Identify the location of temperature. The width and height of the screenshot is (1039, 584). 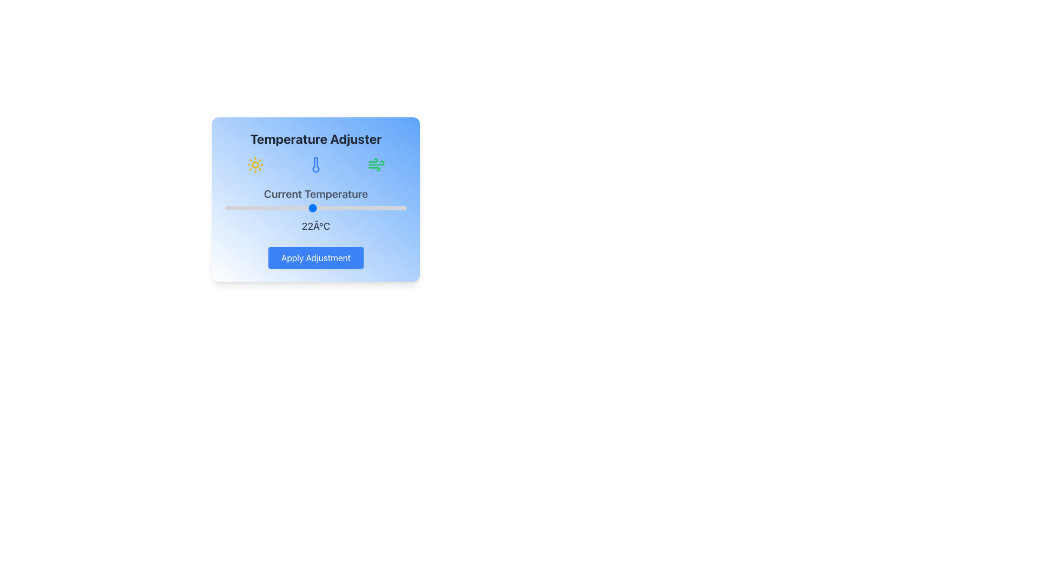
(239, 208).